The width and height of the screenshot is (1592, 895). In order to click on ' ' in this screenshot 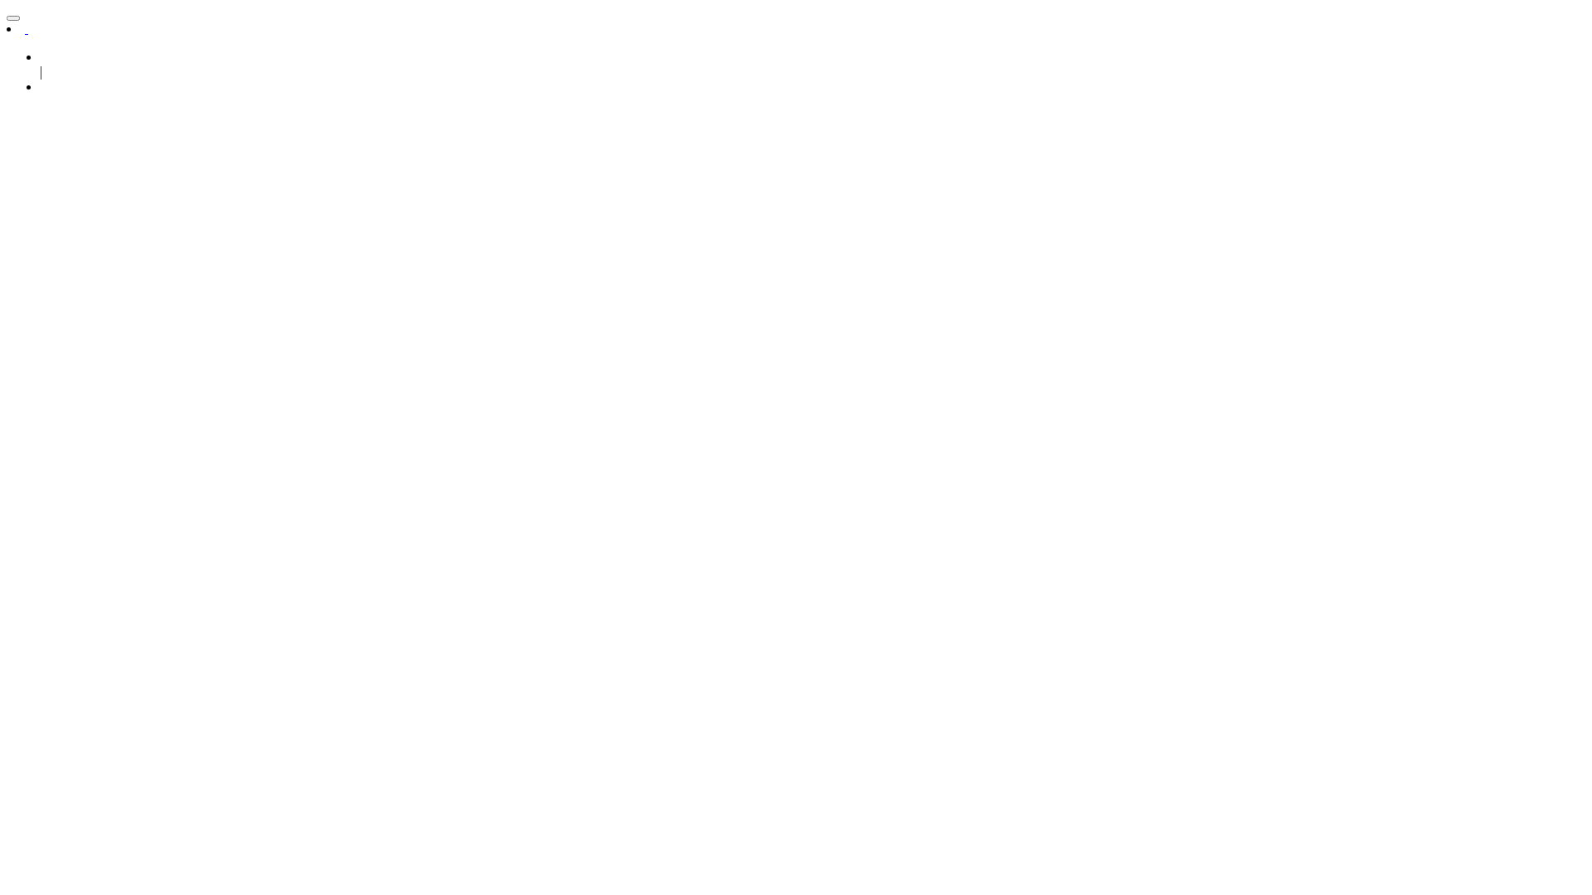, I will do `click(27, 28)`.